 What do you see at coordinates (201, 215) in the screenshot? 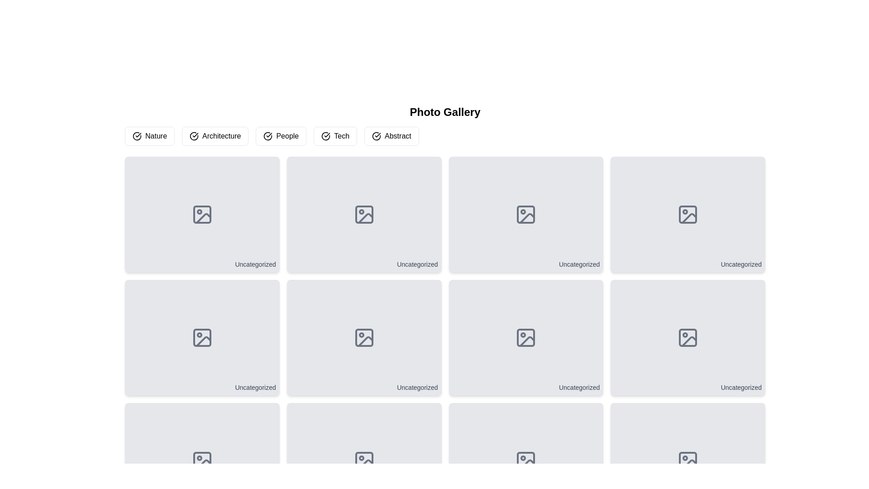
I see `the central square element within the image icon located in the top-left cell of a grid layout` at bounding box center [201, 215].